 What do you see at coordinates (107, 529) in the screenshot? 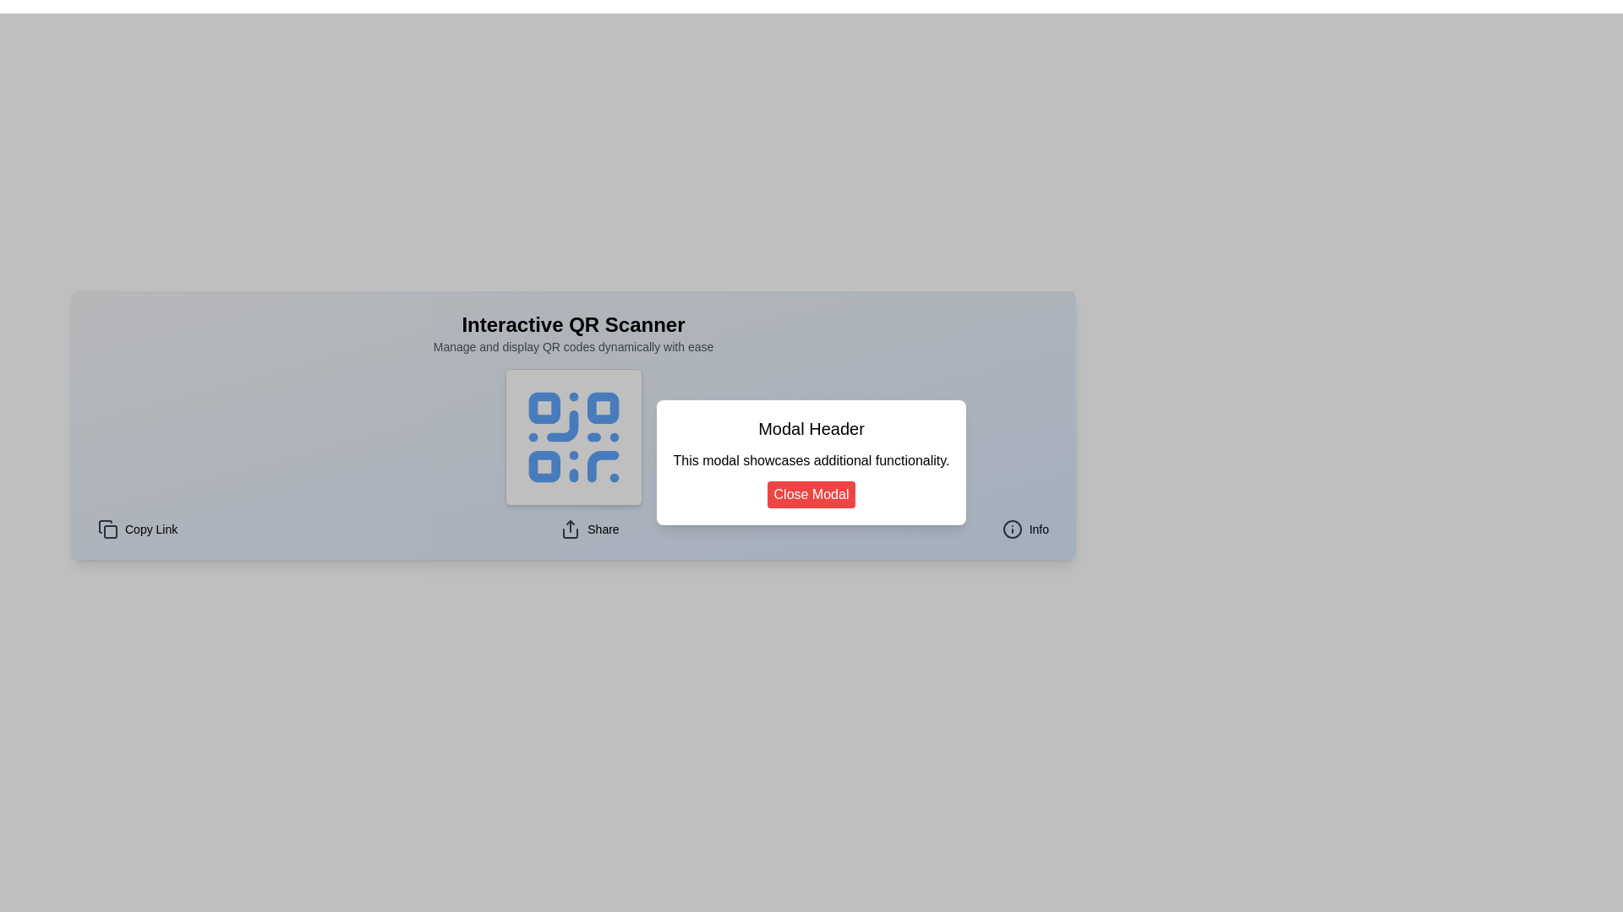
I see `the 'Copy' icon located at the bottom-left corner of the interactive section` at bounding box center [107, 529].